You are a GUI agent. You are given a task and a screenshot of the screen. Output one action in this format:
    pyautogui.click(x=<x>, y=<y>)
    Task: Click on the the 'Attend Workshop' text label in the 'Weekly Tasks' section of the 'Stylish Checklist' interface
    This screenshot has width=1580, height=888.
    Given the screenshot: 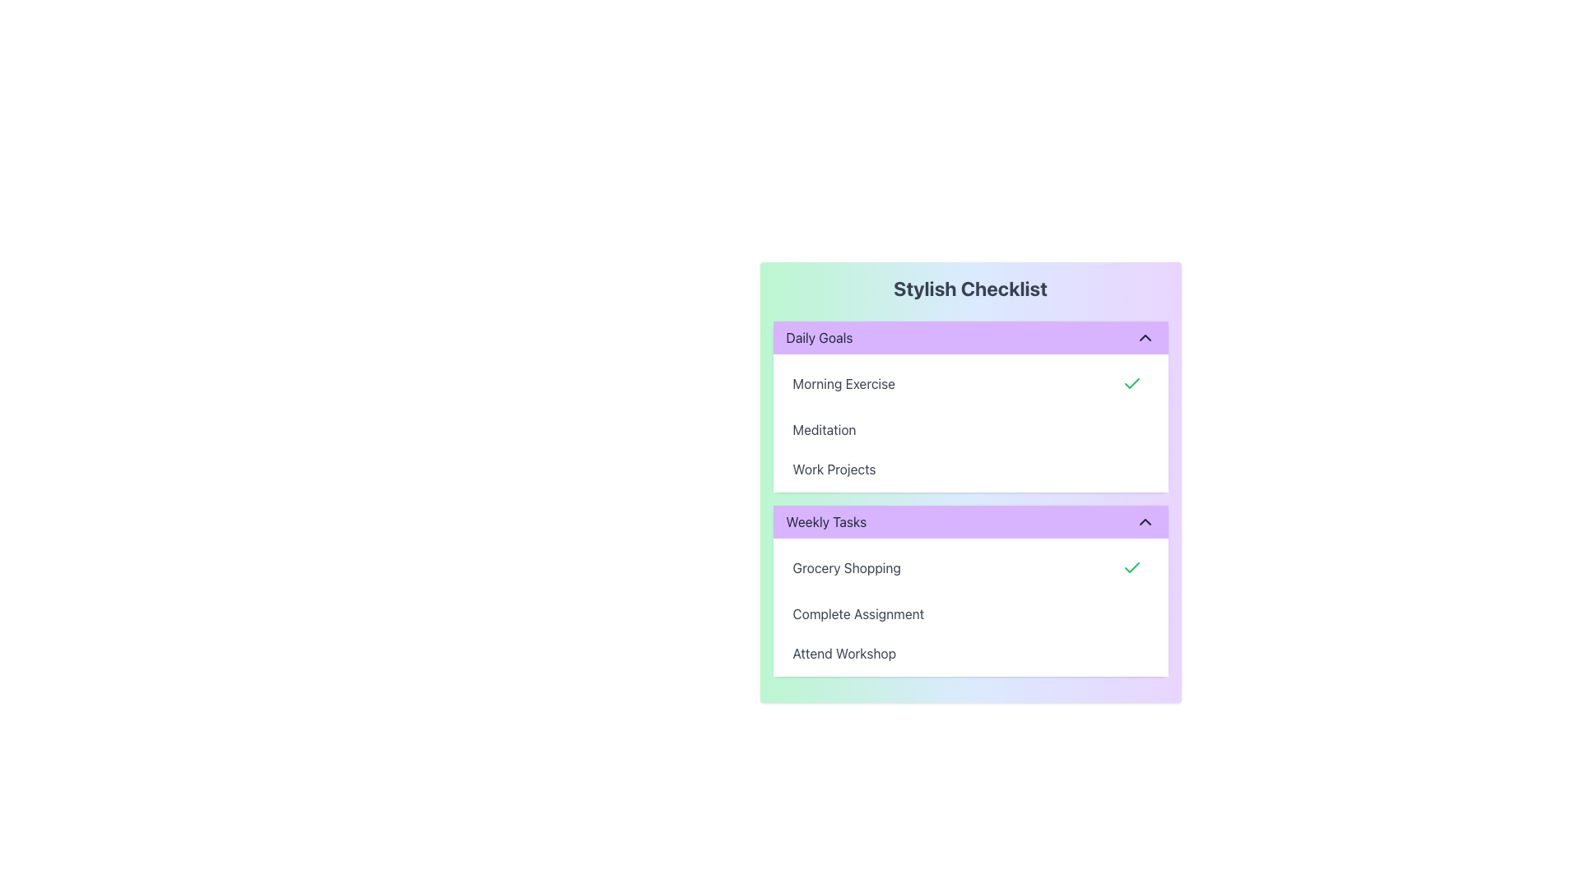 What is the action you would take?
    pyautogui.click(x=844, y=652)
    